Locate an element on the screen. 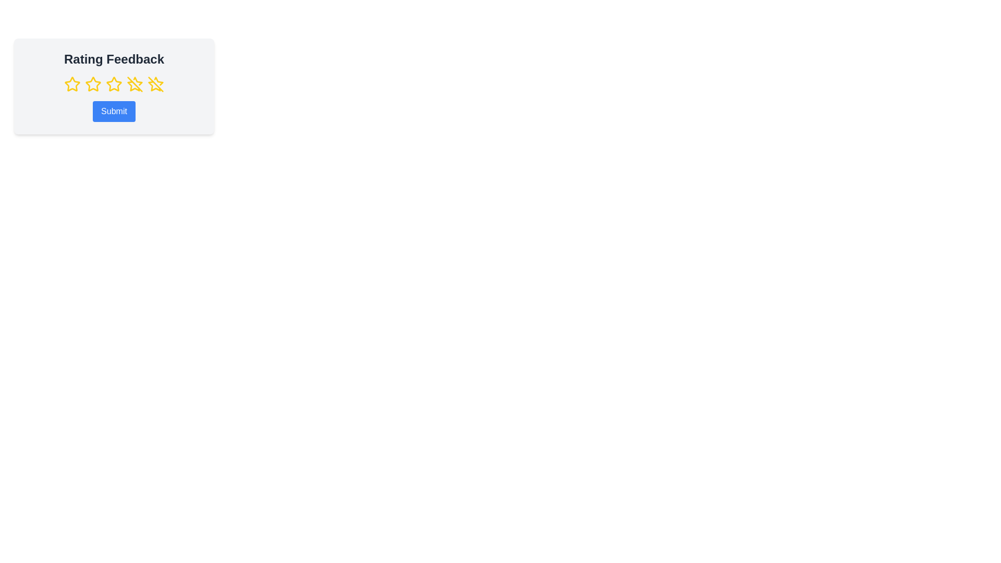 The height and width of the screenshot is (563, 1001). the static text labeled 'Rating Feedback' which is positioned at the top of the feedback interface is located at coordinates (114, 59).